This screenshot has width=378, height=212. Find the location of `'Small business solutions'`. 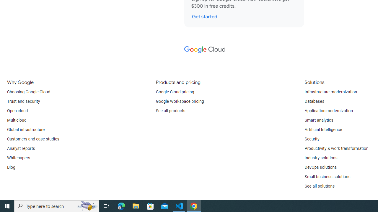

'Small business solutions' is located at coordinates (327, 176).